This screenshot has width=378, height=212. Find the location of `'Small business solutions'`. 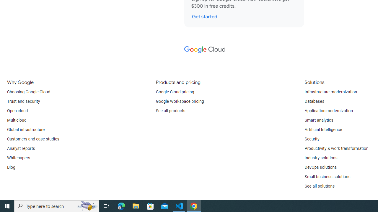

'Small business solutions' is located at coordinates (327, 176).